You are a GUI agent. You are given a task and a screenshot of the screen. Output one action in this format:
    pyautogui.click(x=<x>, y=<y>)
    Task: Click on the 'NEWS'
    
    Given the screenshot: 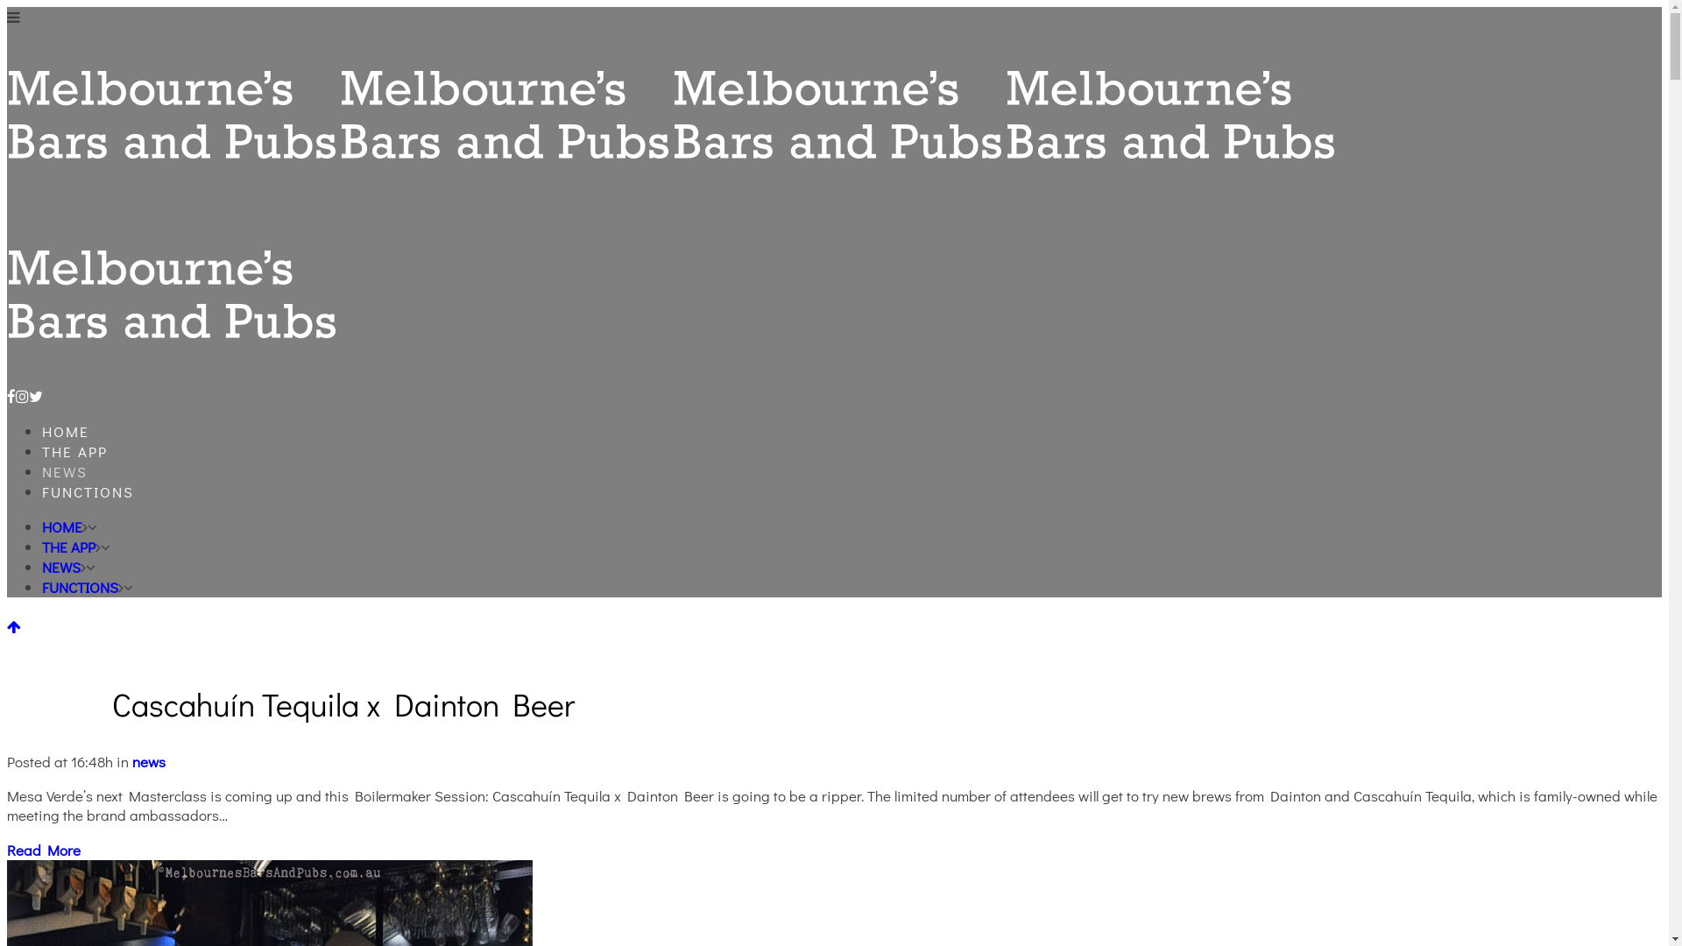 What is the action you would take?
    pyautogui.click(x=61, y=567)
    